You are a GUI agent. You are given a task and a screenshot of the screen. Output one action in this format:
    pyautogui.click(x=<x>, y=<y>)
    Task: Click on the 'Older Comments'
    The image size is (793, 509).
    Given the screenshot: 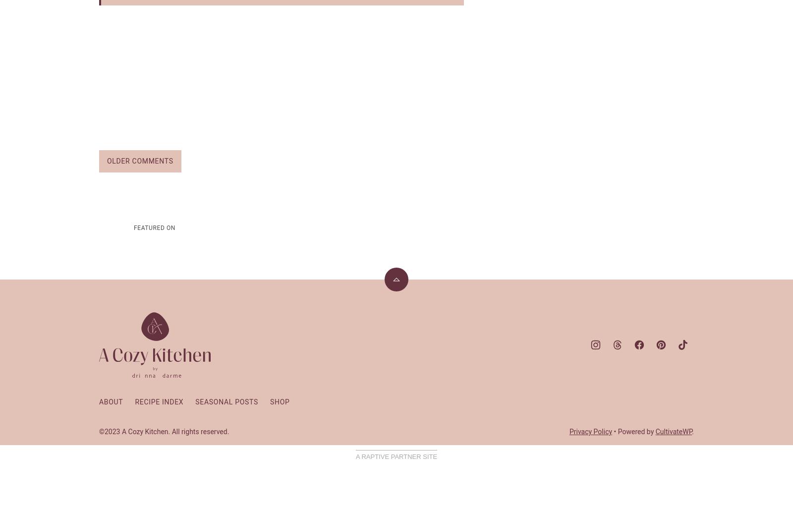 What is the action you would take?
    pyautogui.click(x=140, y=161)
    